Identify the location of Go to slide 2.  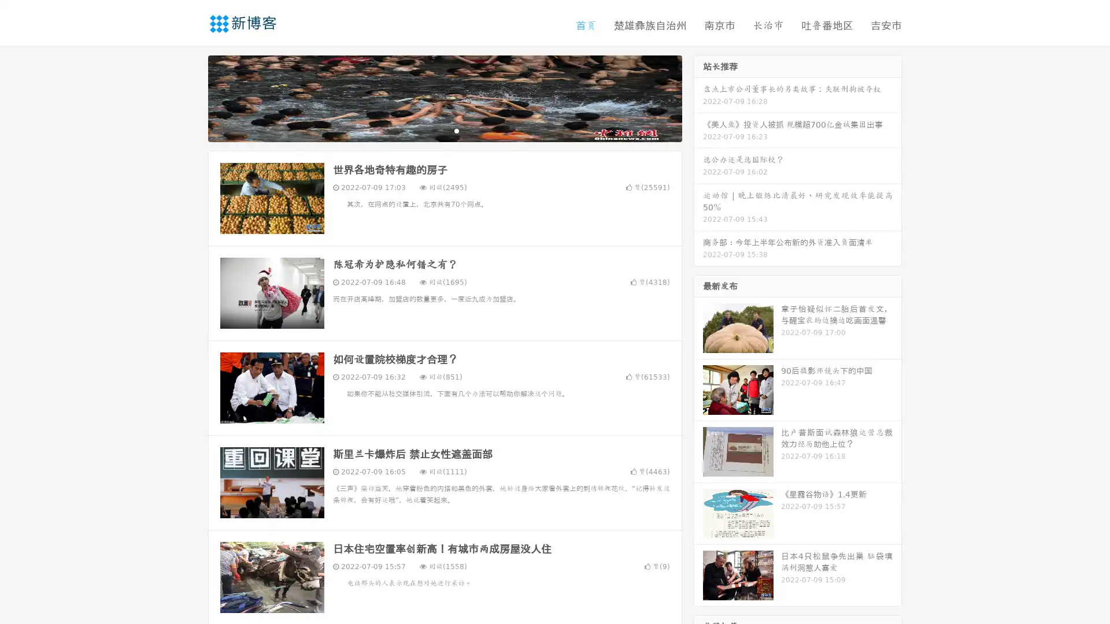
(444, 130).